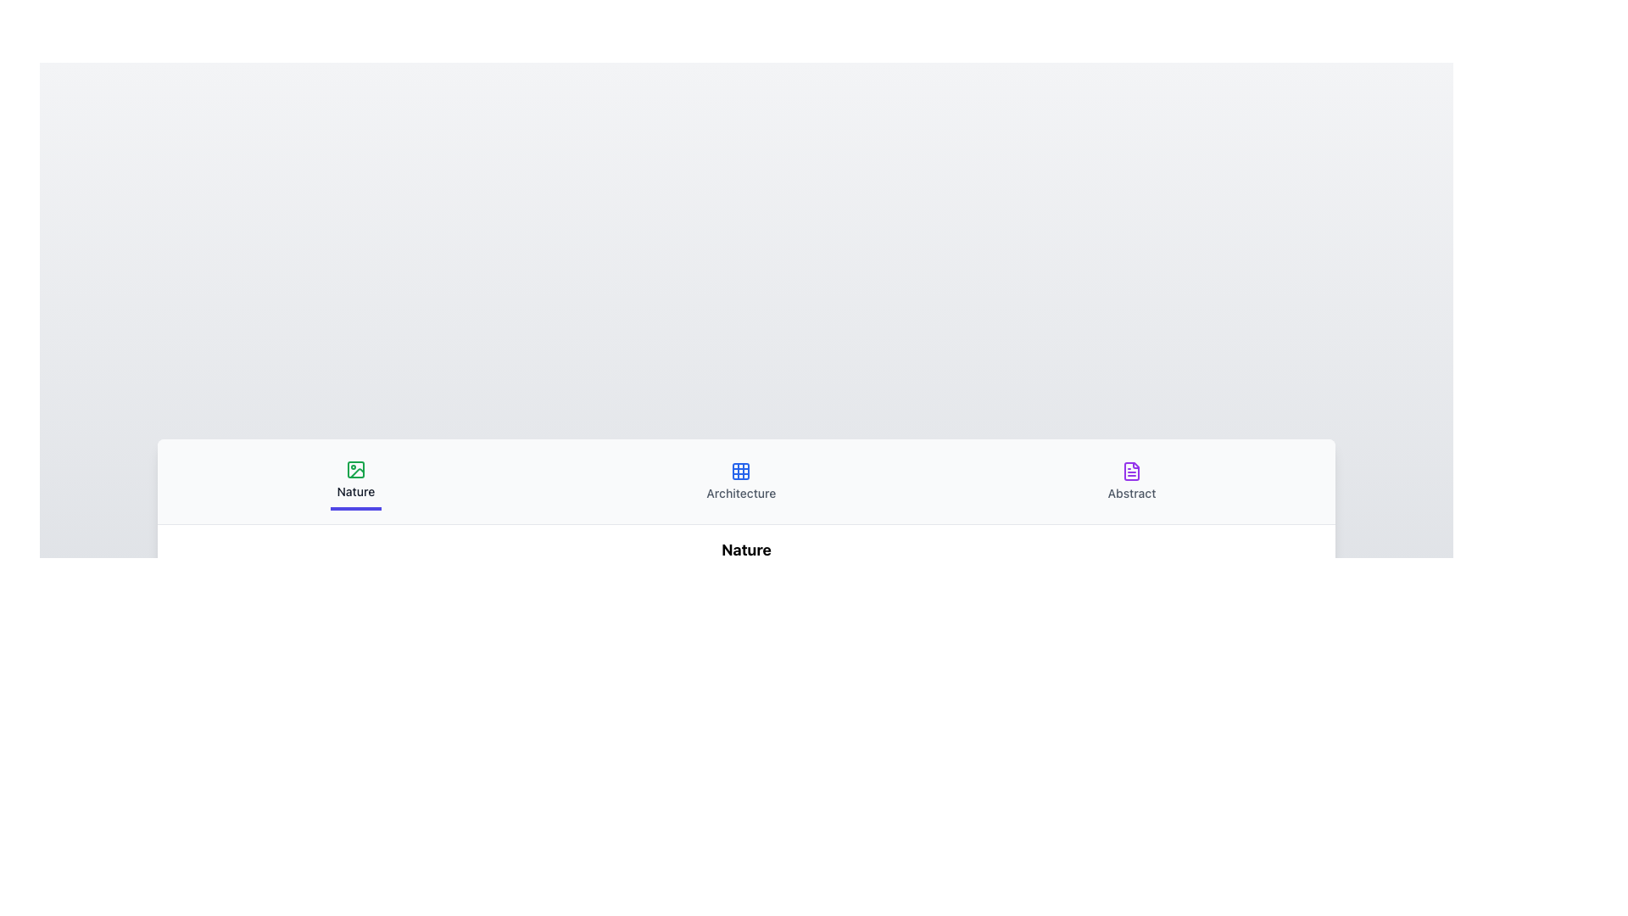  Describe the element at coordinates (741, 471) in the screenshot. I see `the icon representing the 'Architecture' category in the navigation bar` at that location.